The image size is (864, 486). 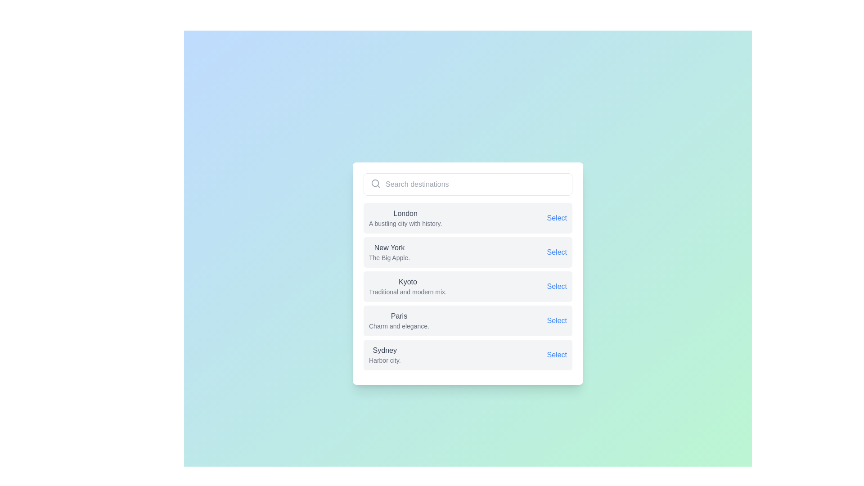 What do you see at coordinates (556, 320) in the screenshot?
I see `the 'Select' button in blue color that is right-aligned within the list item for 'Paris'` at bounding box center [556, 320].